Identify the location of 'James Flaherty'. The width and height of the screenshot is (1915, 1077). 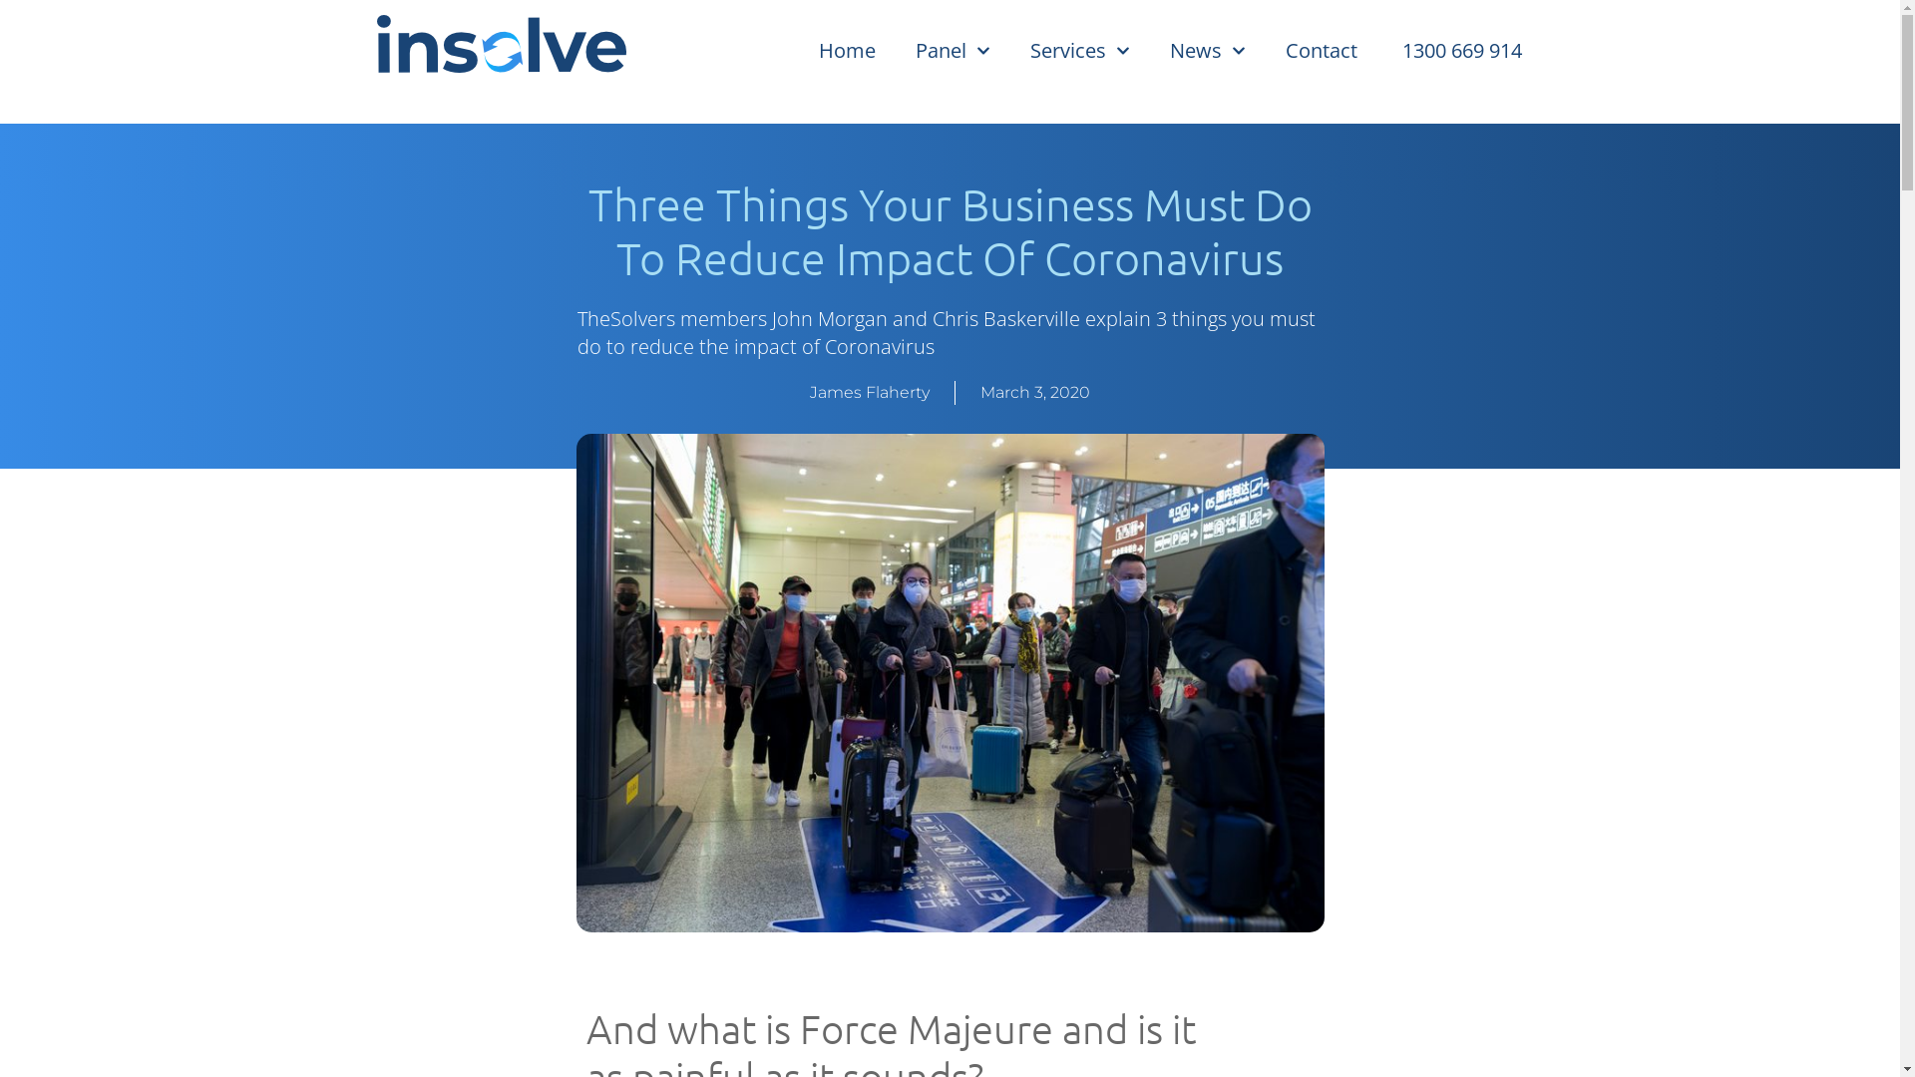
(870, 392).